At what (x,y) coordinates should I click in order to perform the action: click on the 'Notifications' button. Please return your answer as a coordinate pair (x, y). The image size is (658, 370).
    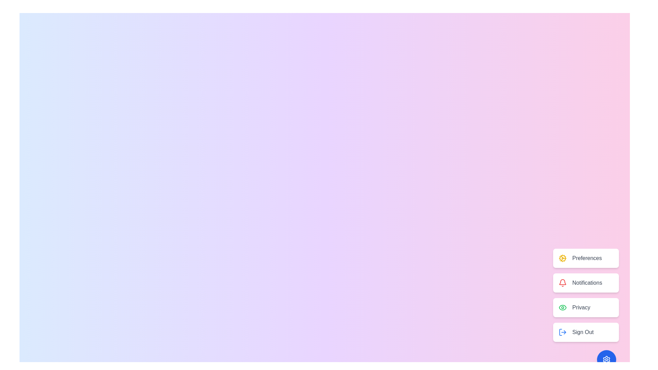
    Looking at the image, I should click on (585, 283).